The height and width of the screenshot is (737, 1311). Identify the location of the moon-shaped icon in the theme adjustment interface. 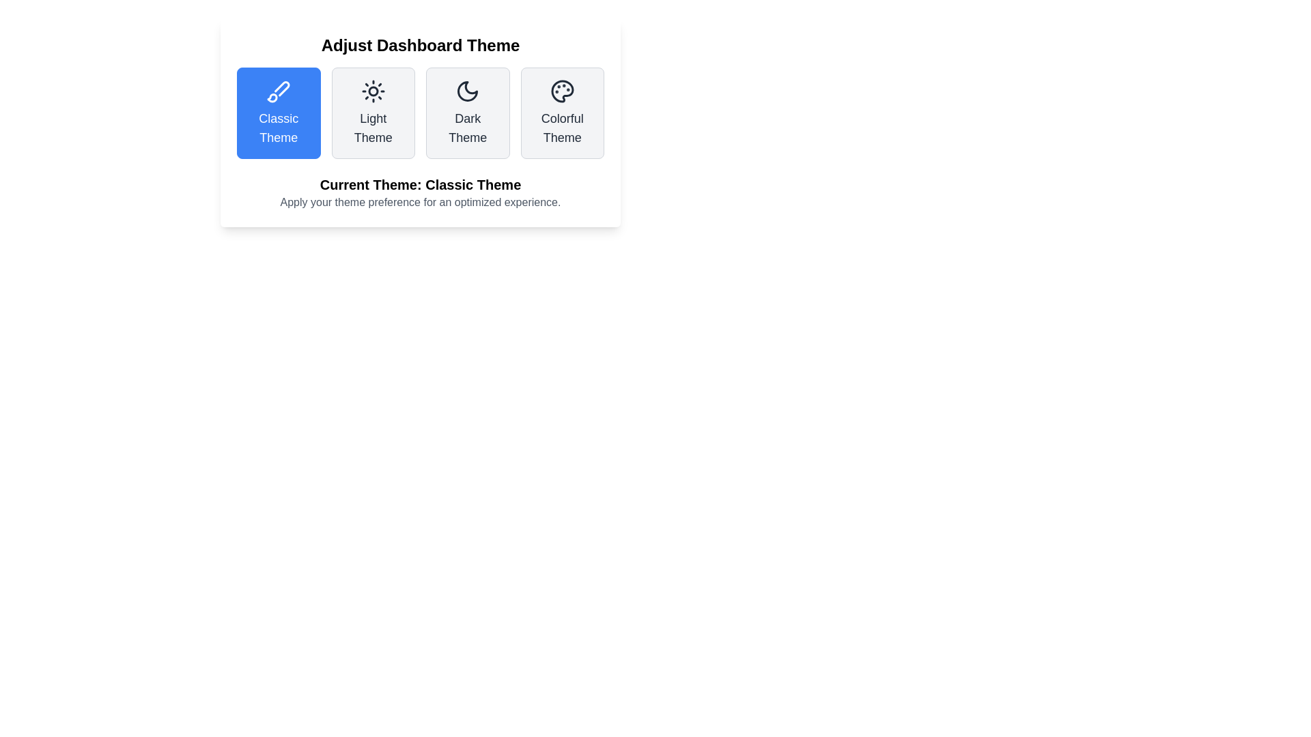
(468, 91).